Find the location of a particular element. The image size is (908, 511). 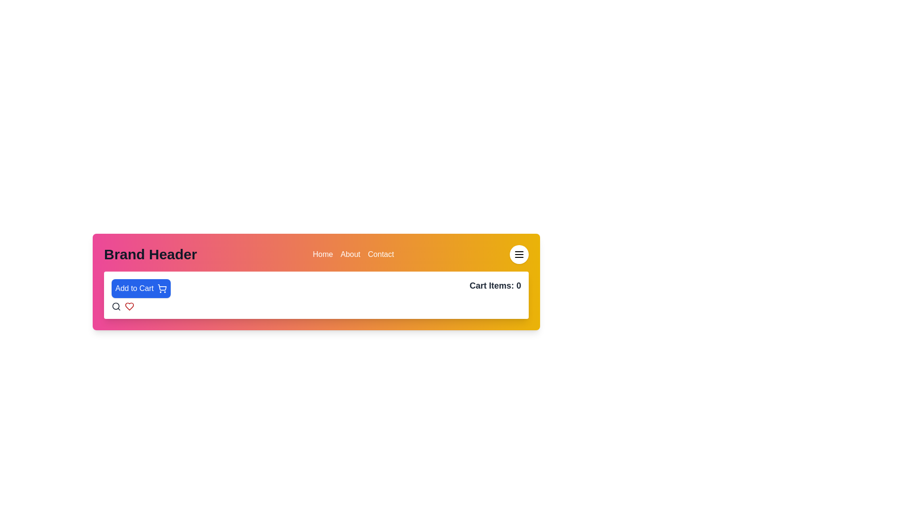

the 'About' section text-based navigation menu item, which is the second item in a horizontally aligned menu bar located at the top-right of the header area is located at coordinates (350, 254).